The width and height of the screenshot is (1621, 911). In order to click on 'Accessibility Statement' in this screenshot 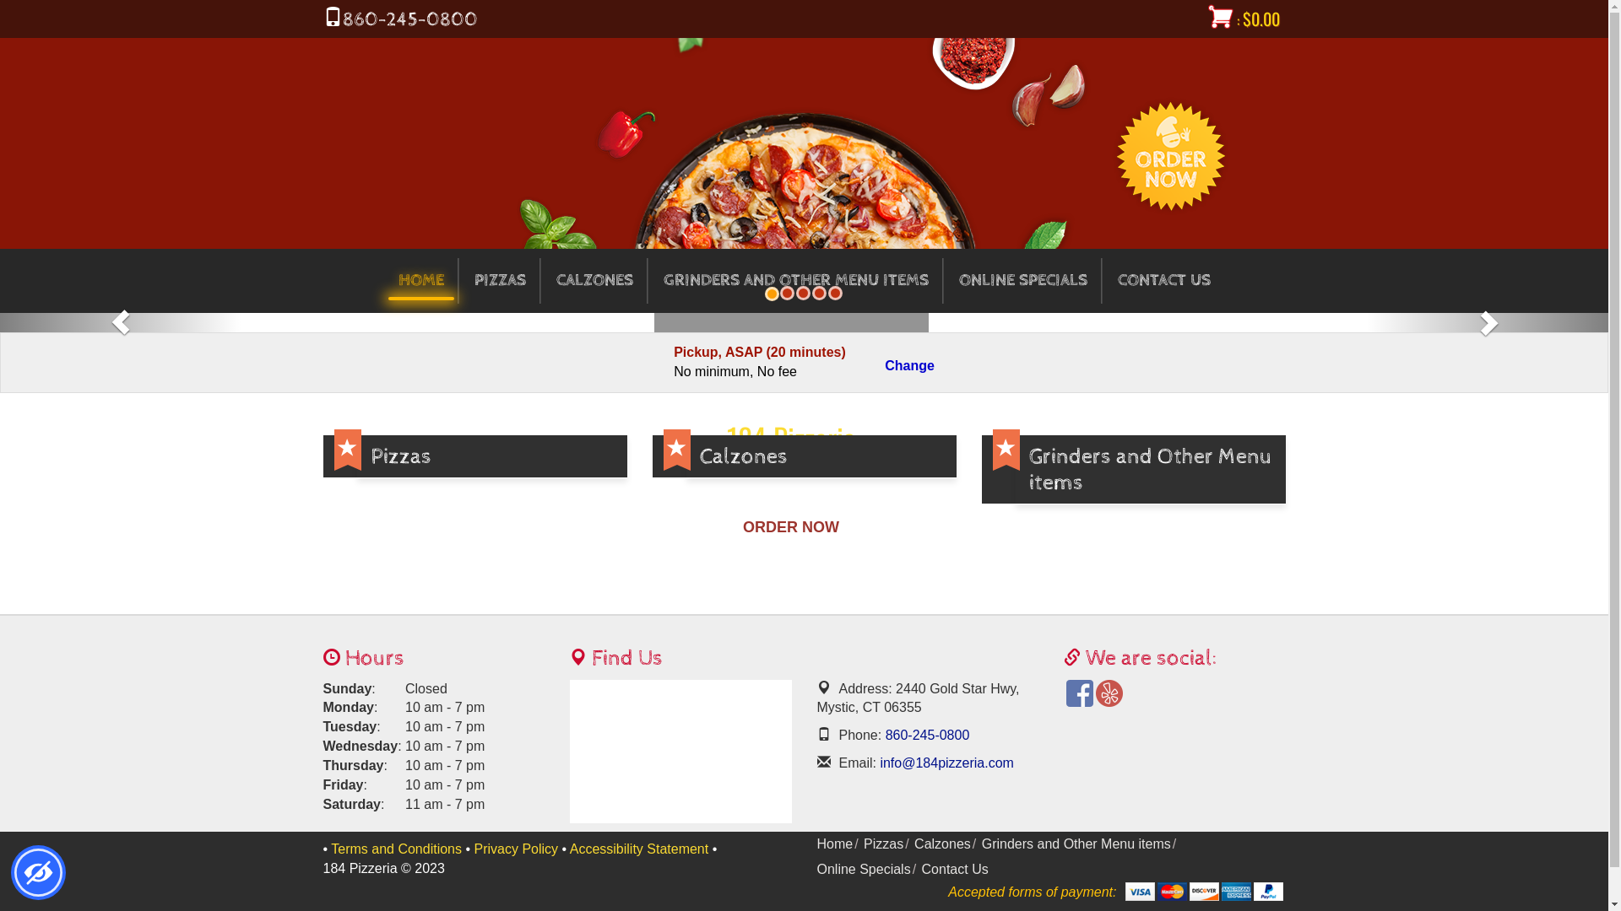, I will do `click(638, 849)`.